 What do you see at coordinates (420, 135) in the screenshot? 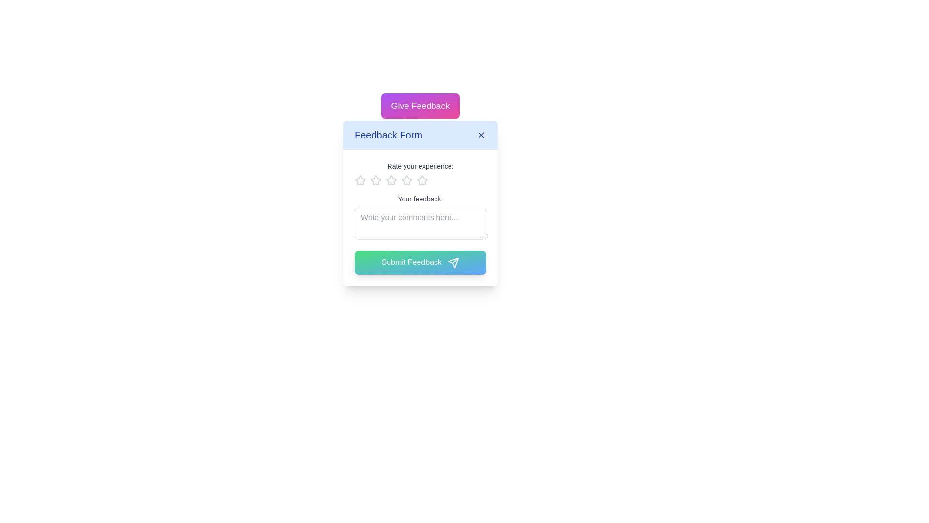
I see `the Header bar of the feedback form dialog that displays 'Feedback Form' to trigger the tooltip` at bounding box center [420, 135].